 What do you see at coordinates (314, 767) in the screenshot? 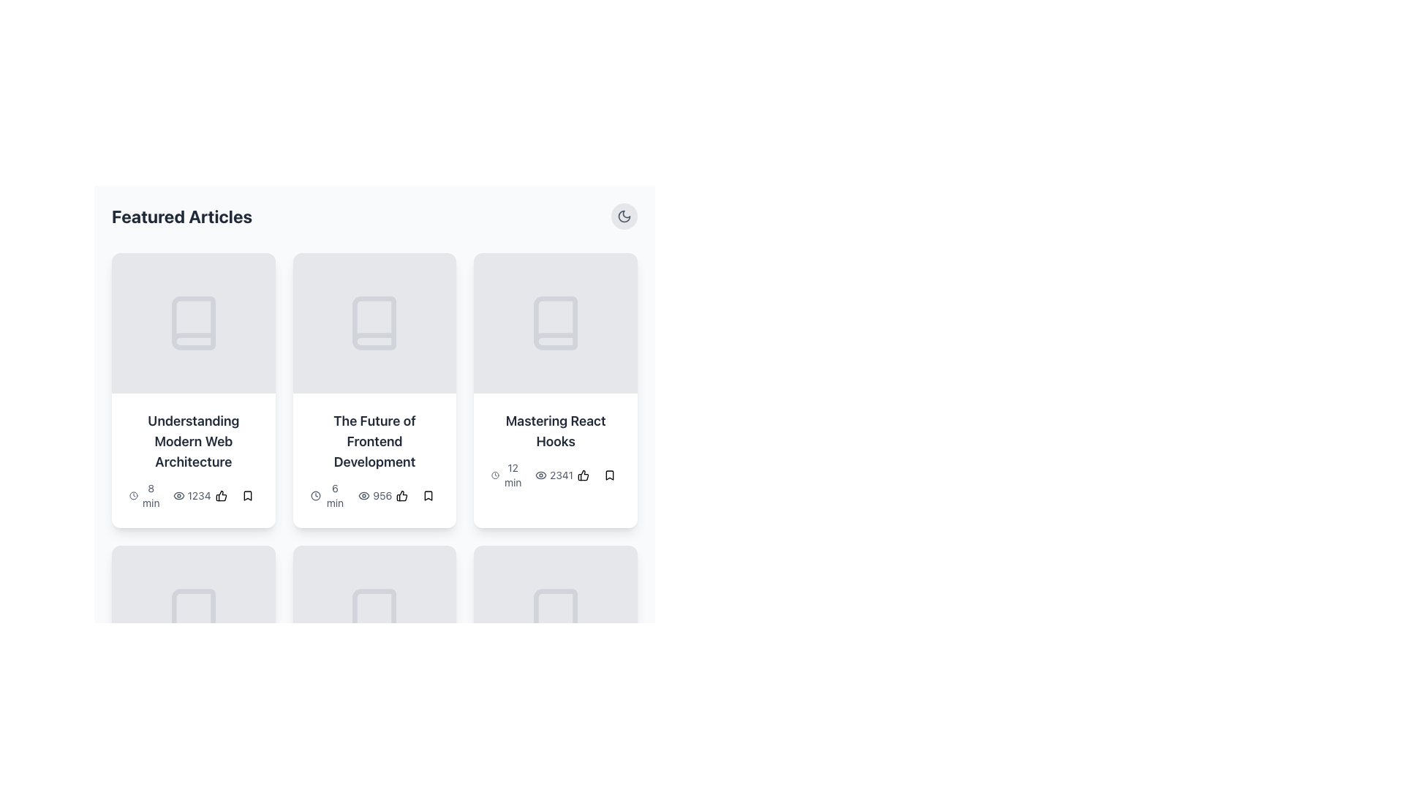
I see `the clock icon which is styled with circular boundaries and positioned before the '15 min' text in the third card of the 'Featured Articles' section` at bounding box center [314, 767].